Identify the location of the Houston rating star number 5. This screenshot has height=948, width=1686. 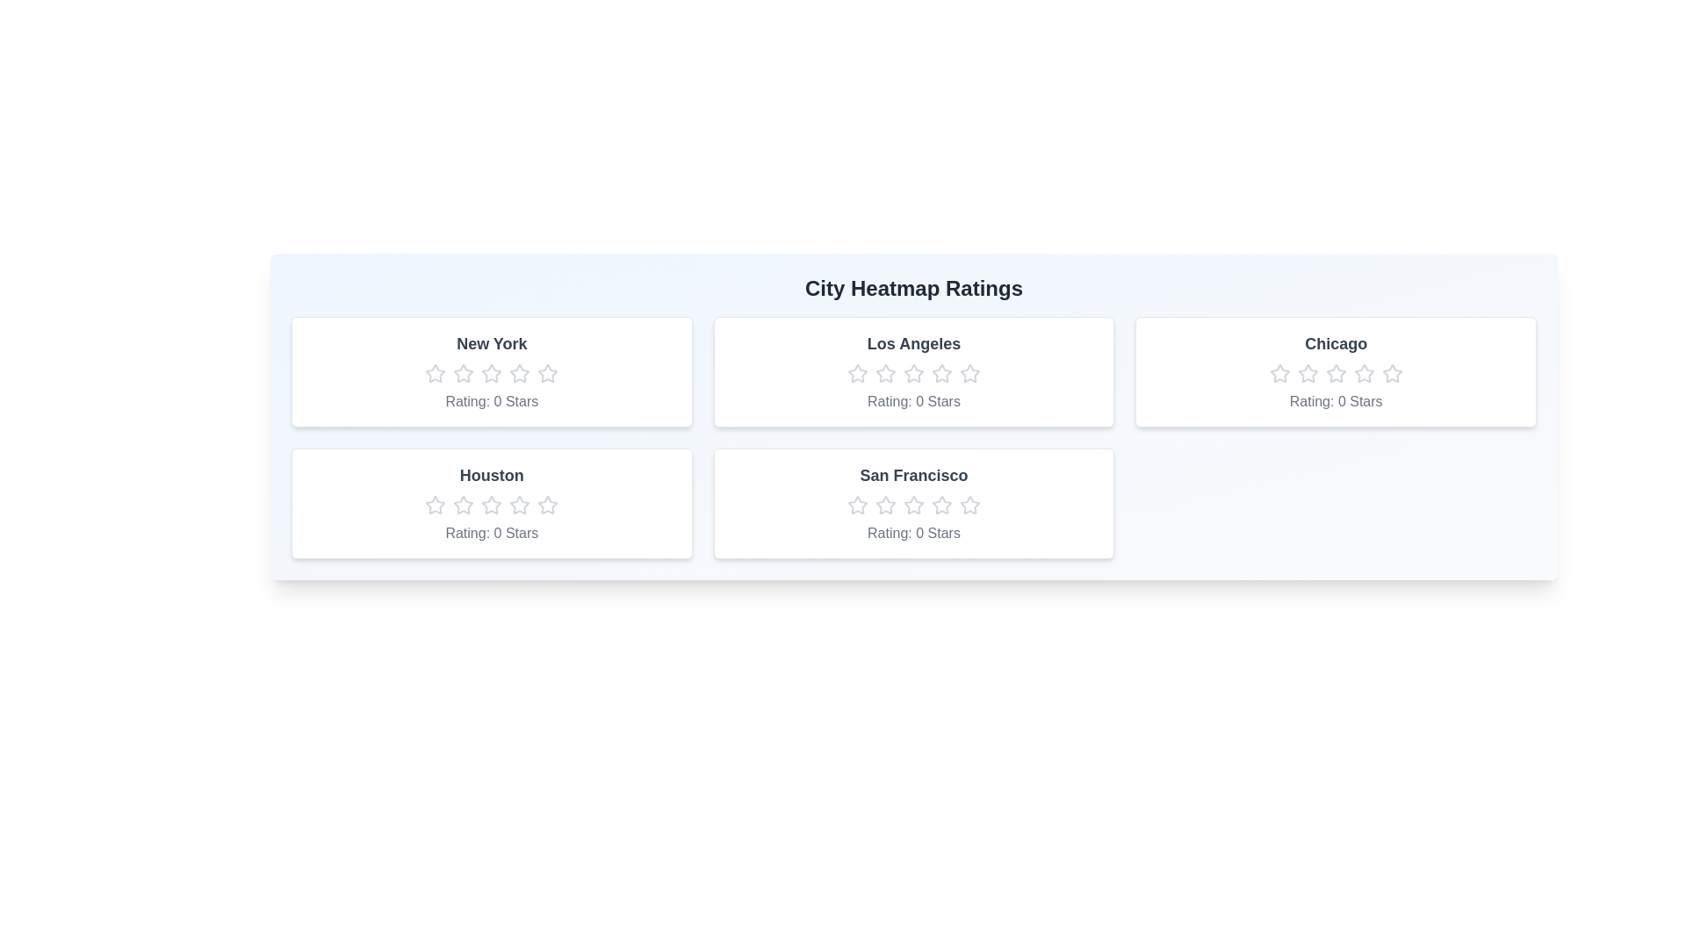
(547, 505).